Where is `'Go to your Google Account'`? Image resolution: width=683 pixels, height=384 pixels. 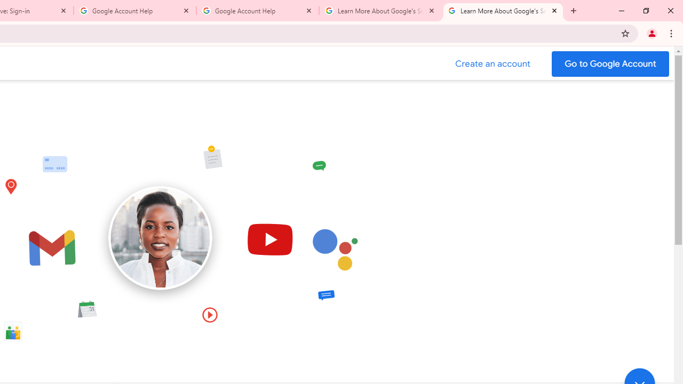
'Go to your Google Account' is located at coordinates (610, 63).